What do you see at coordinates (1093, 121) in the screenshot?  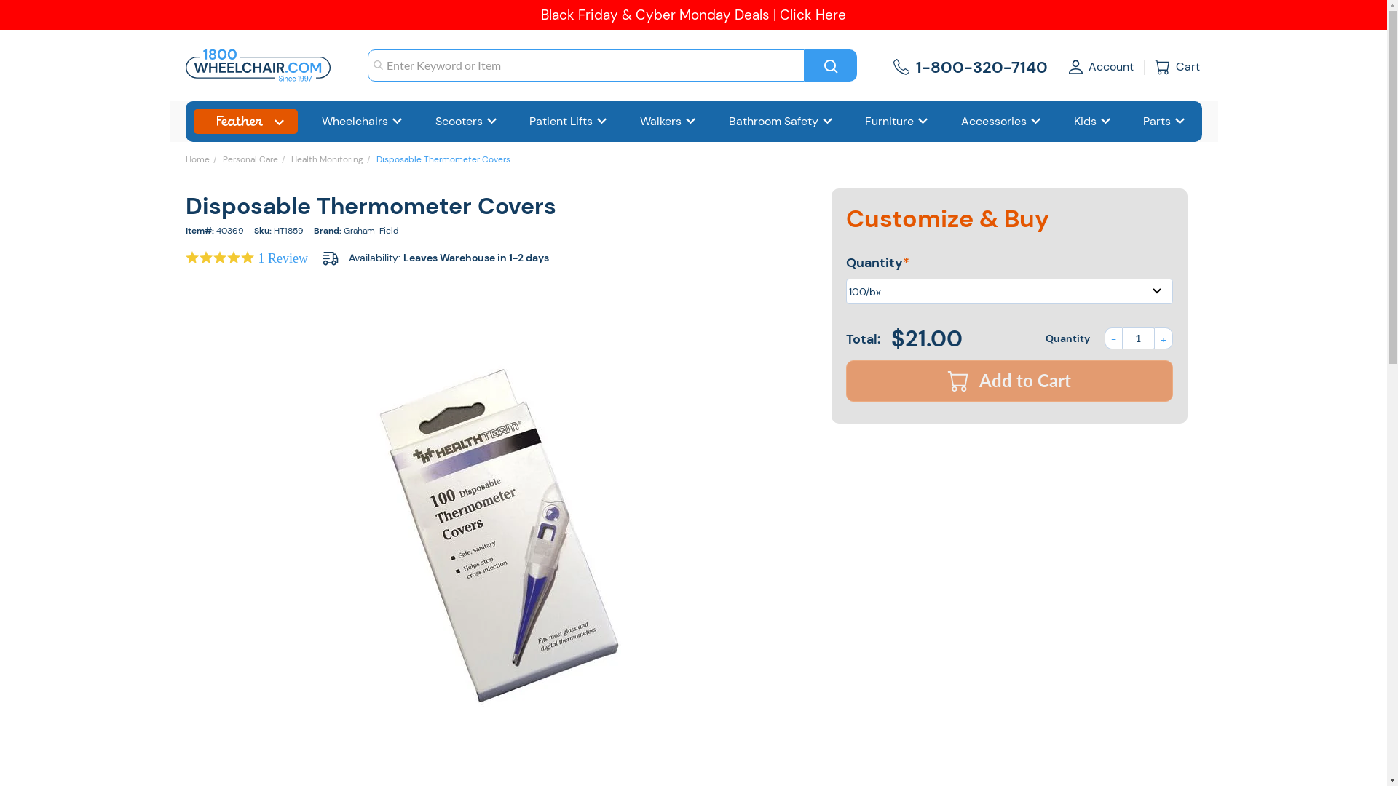 I see `'Kids'` at bounding box center [1093, 121].